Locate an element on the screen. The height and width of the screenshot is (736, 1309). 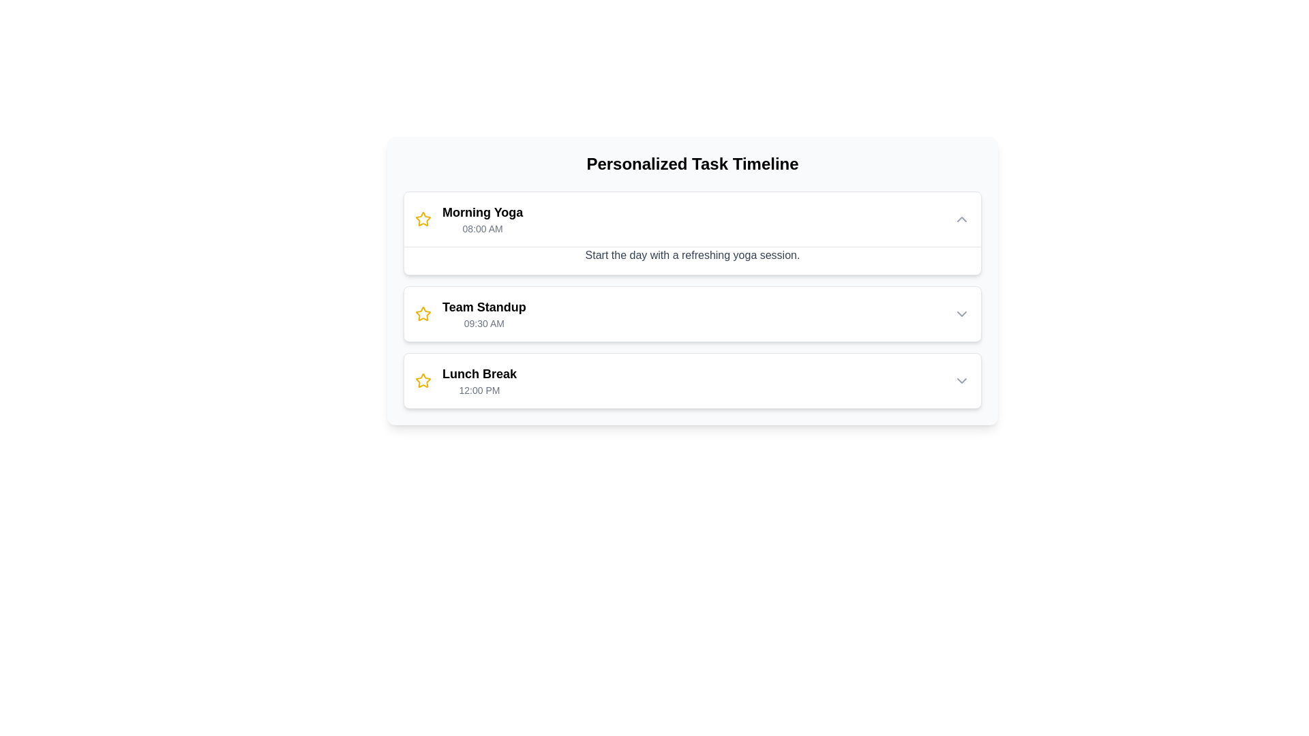
the upwards-pointing chevron icon in the top-right corner of the 'Team Standup' task card is located at coordinates (961, 314).